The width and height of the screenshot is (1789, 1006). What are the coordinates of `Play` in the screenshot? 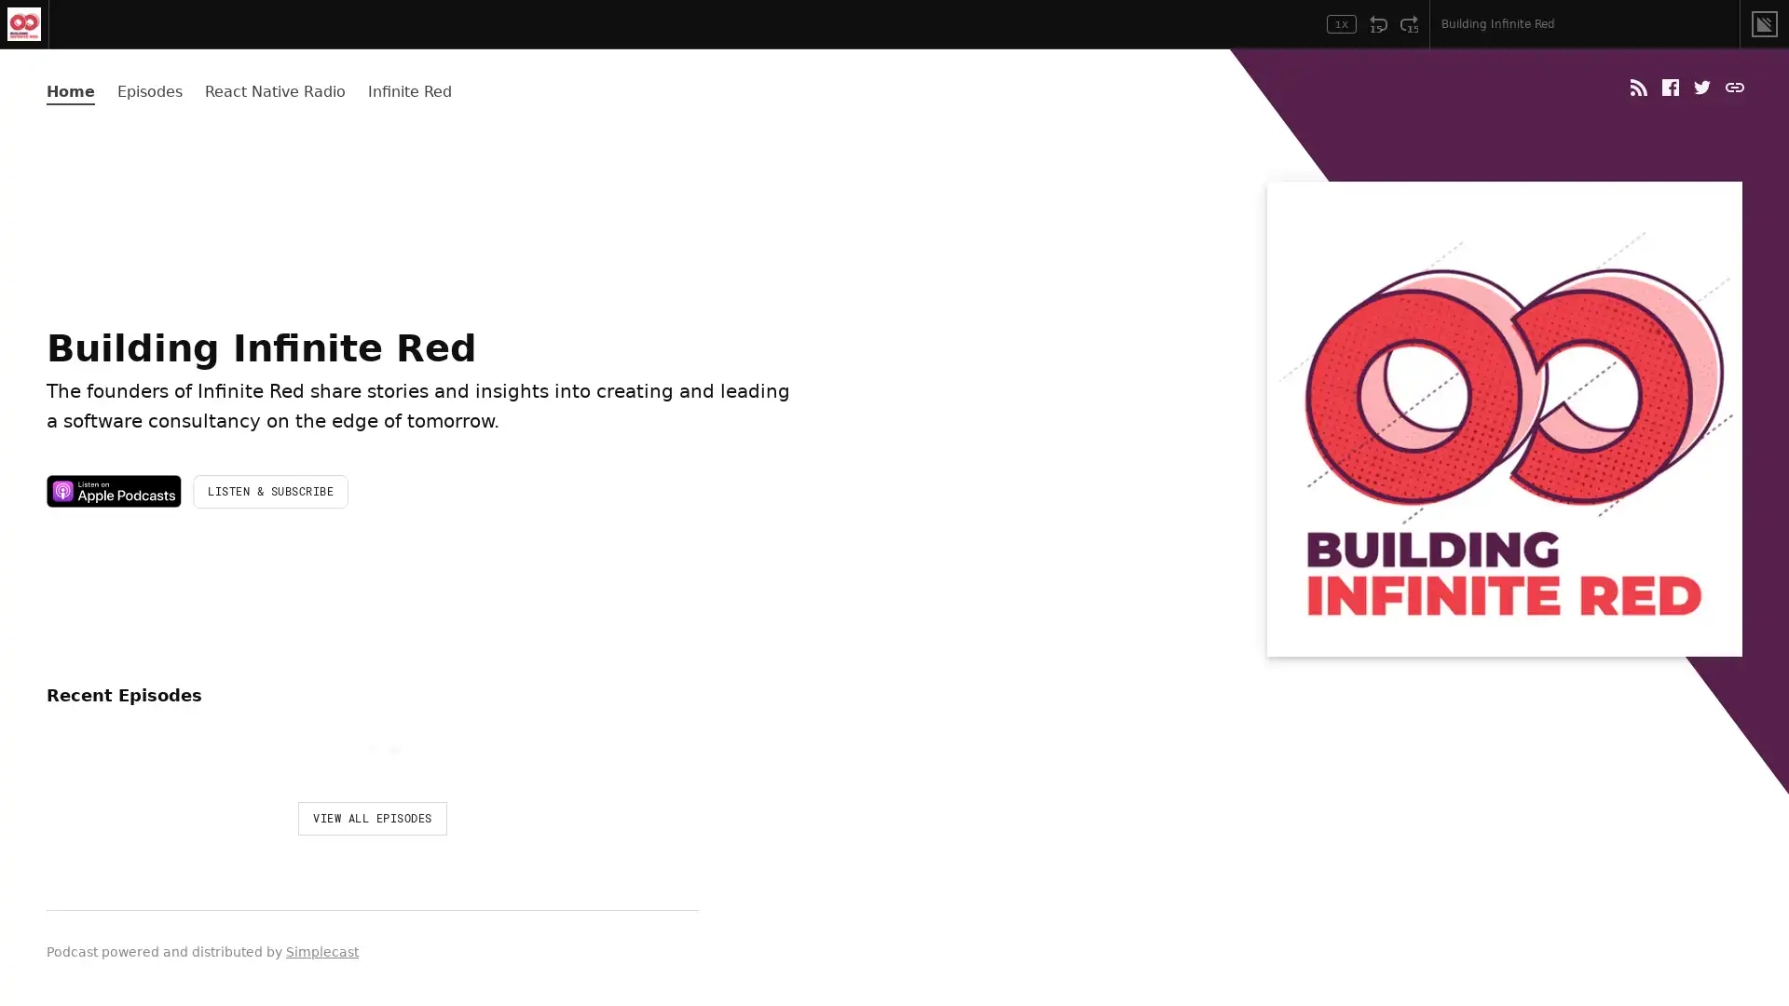 It's located at (68, 772).